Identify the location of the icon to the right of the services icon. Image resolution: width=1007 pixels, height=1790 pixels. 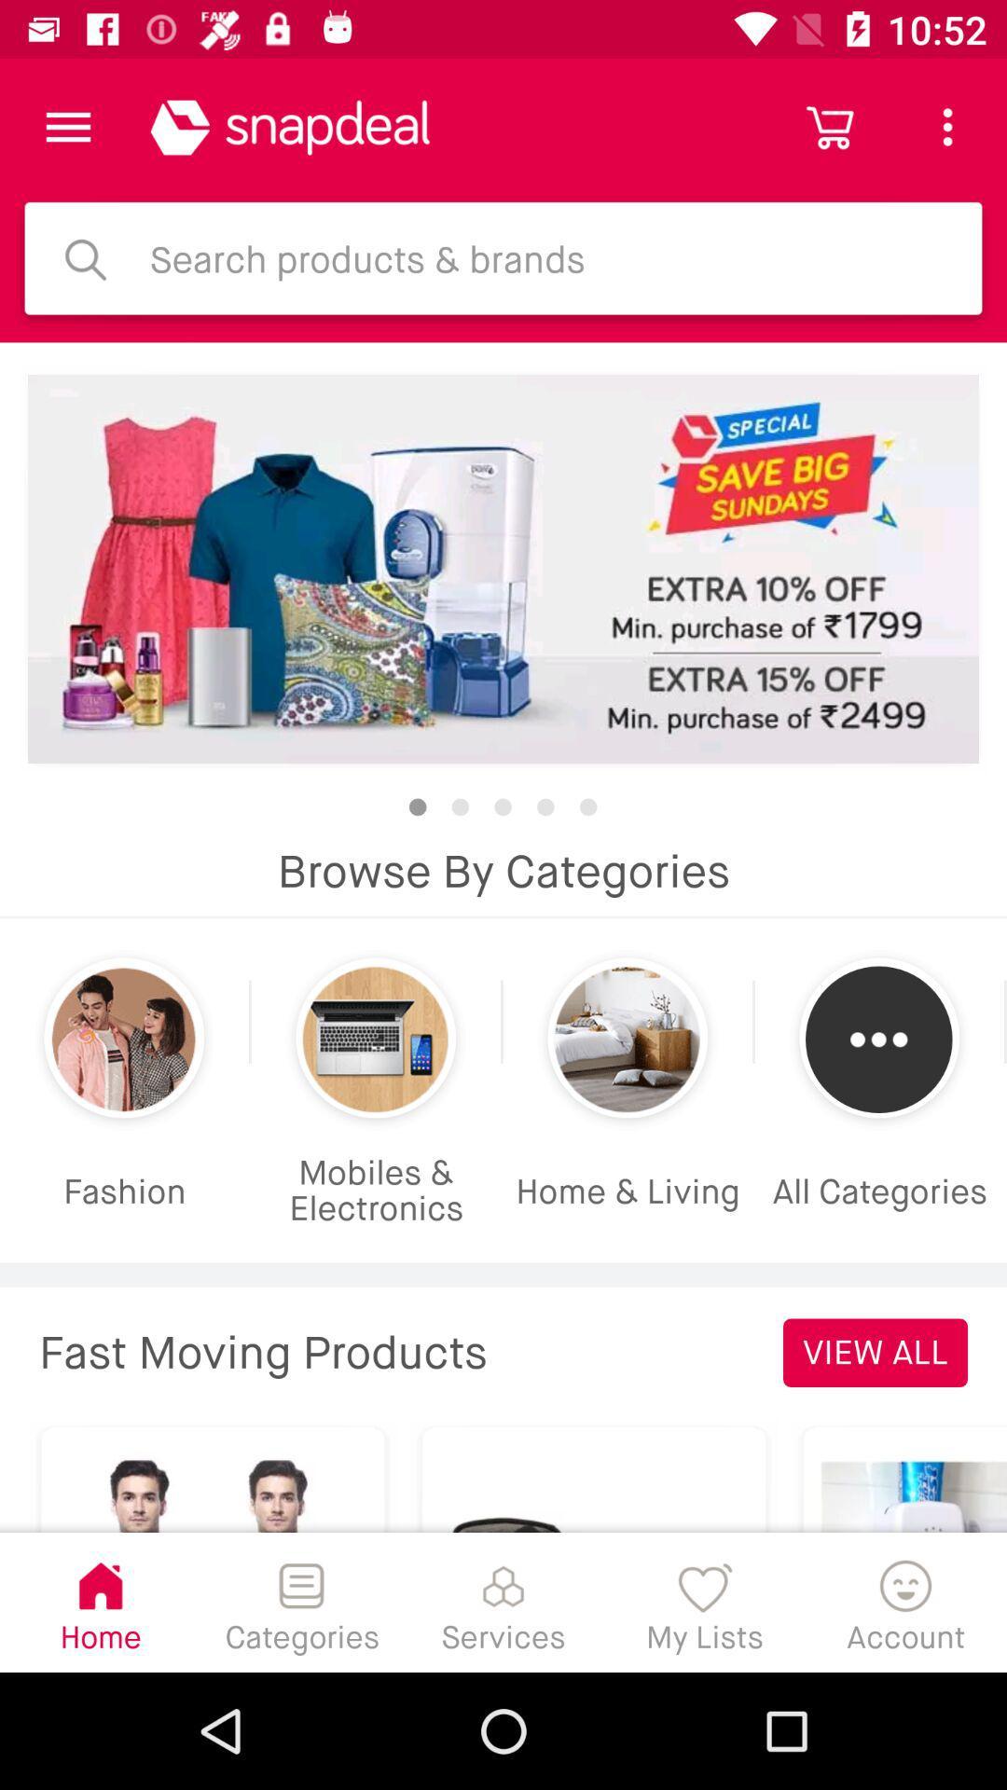
(705, 1601).